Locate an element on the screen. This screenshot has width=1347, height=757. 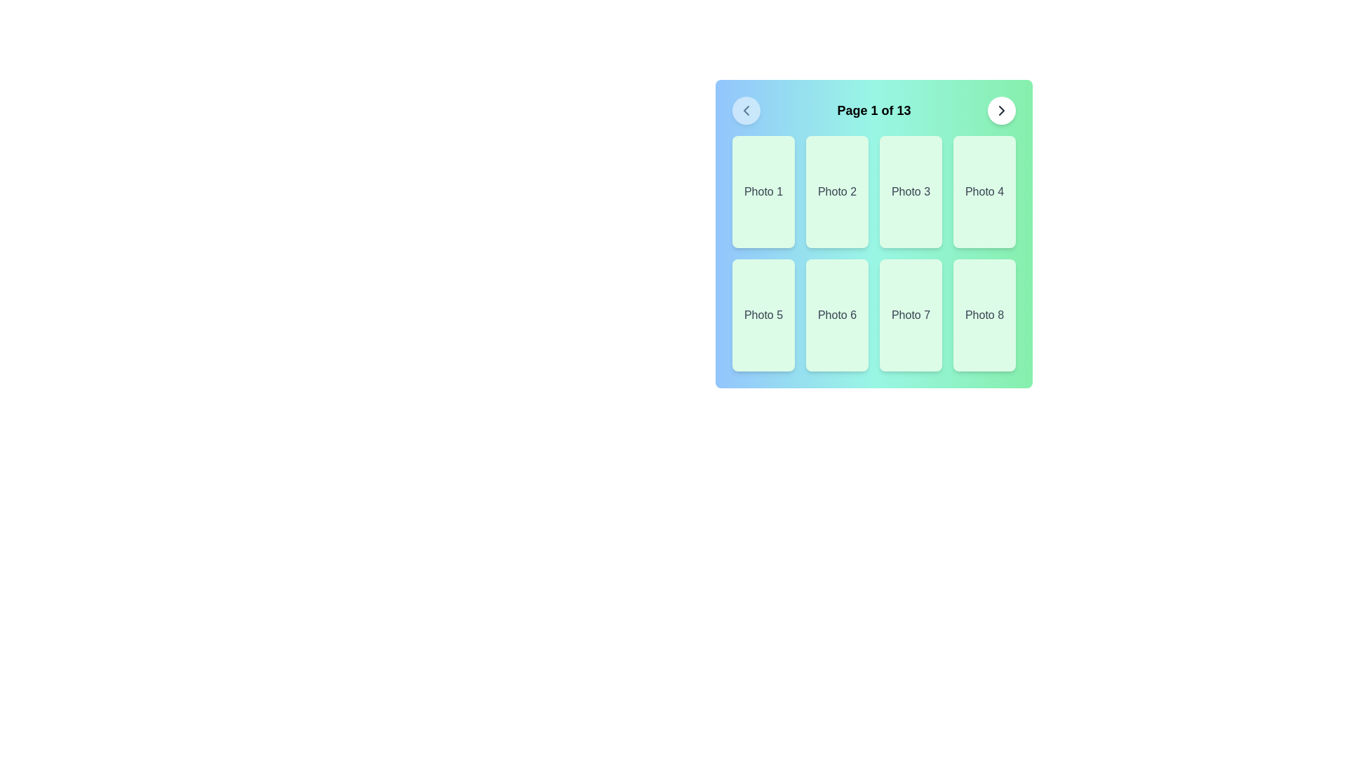
the circular button with a white background and a black right-pointing chevron icon for keyboard navigation is located at coordinates (1000, 110).